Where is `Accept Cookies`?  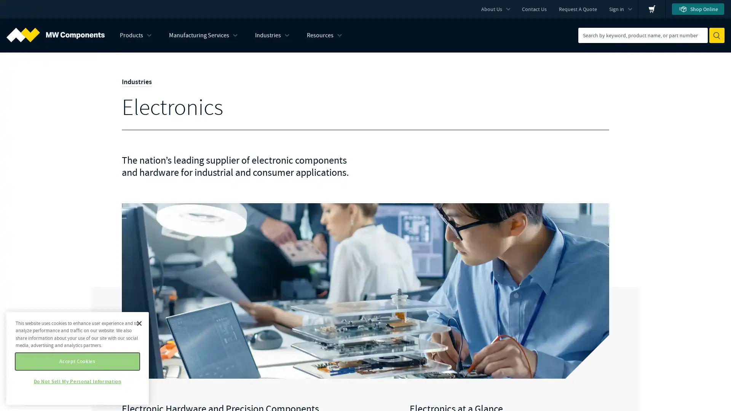 Accept Cookies is located at coordinates (77, 361).